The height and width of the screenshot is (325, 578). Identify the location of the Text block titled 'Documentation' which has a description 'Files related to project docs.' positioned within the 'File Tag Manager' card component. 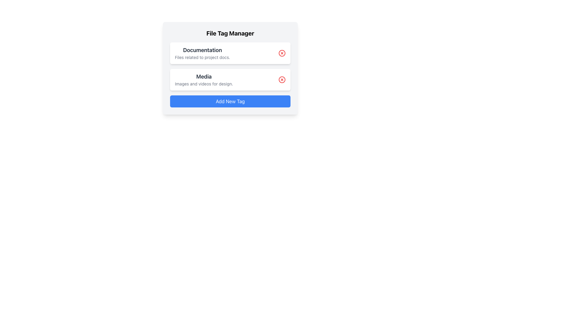
(202, 53).